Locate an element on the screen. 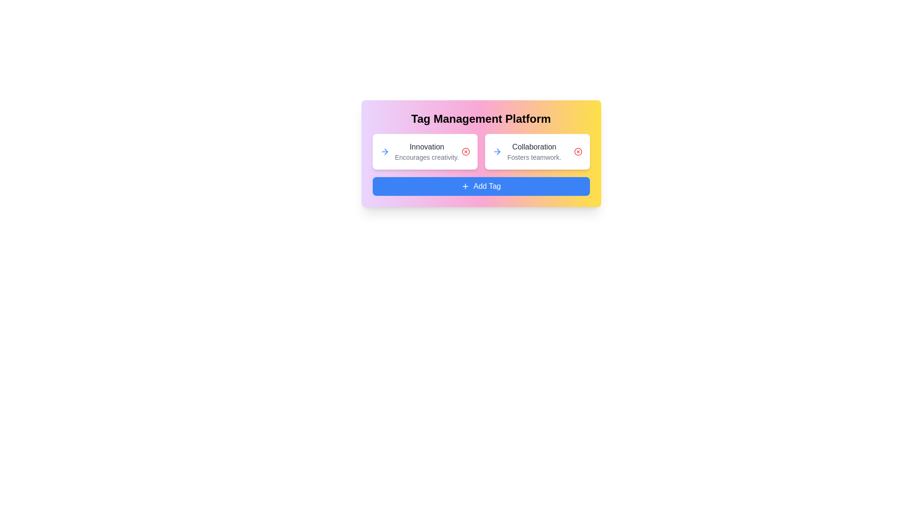 The height and width of the screenshot is (506, 899). the arrow icon for the tag Collaboration is located at coordinates (496, 151).